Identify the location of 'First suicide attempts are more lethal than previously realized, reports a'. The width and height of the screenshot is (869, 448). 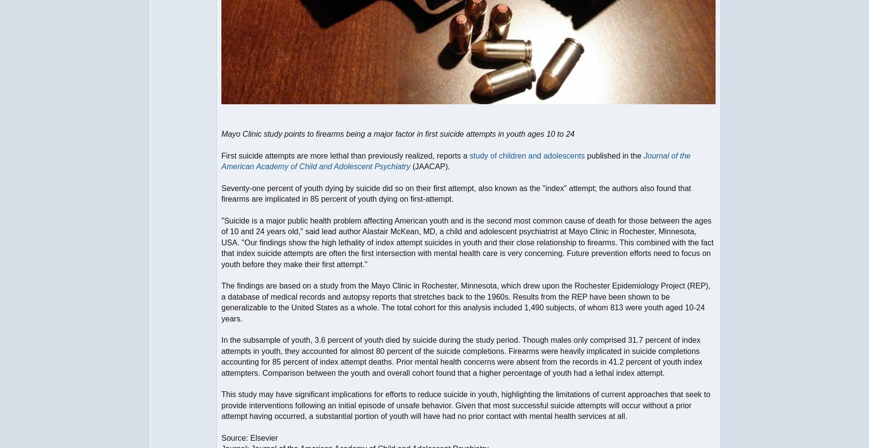
(345, 155).